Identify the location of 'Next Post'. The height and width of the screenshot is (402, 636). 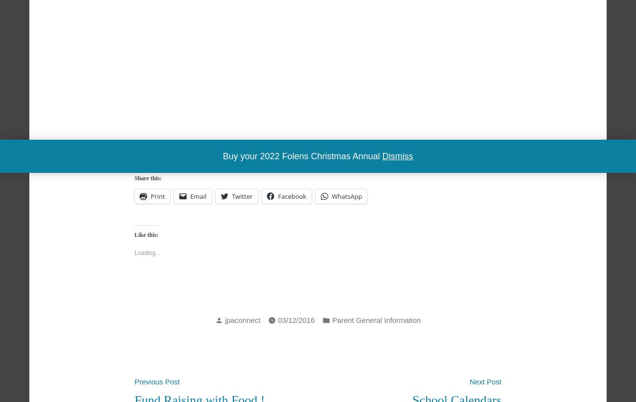
(470, 381).